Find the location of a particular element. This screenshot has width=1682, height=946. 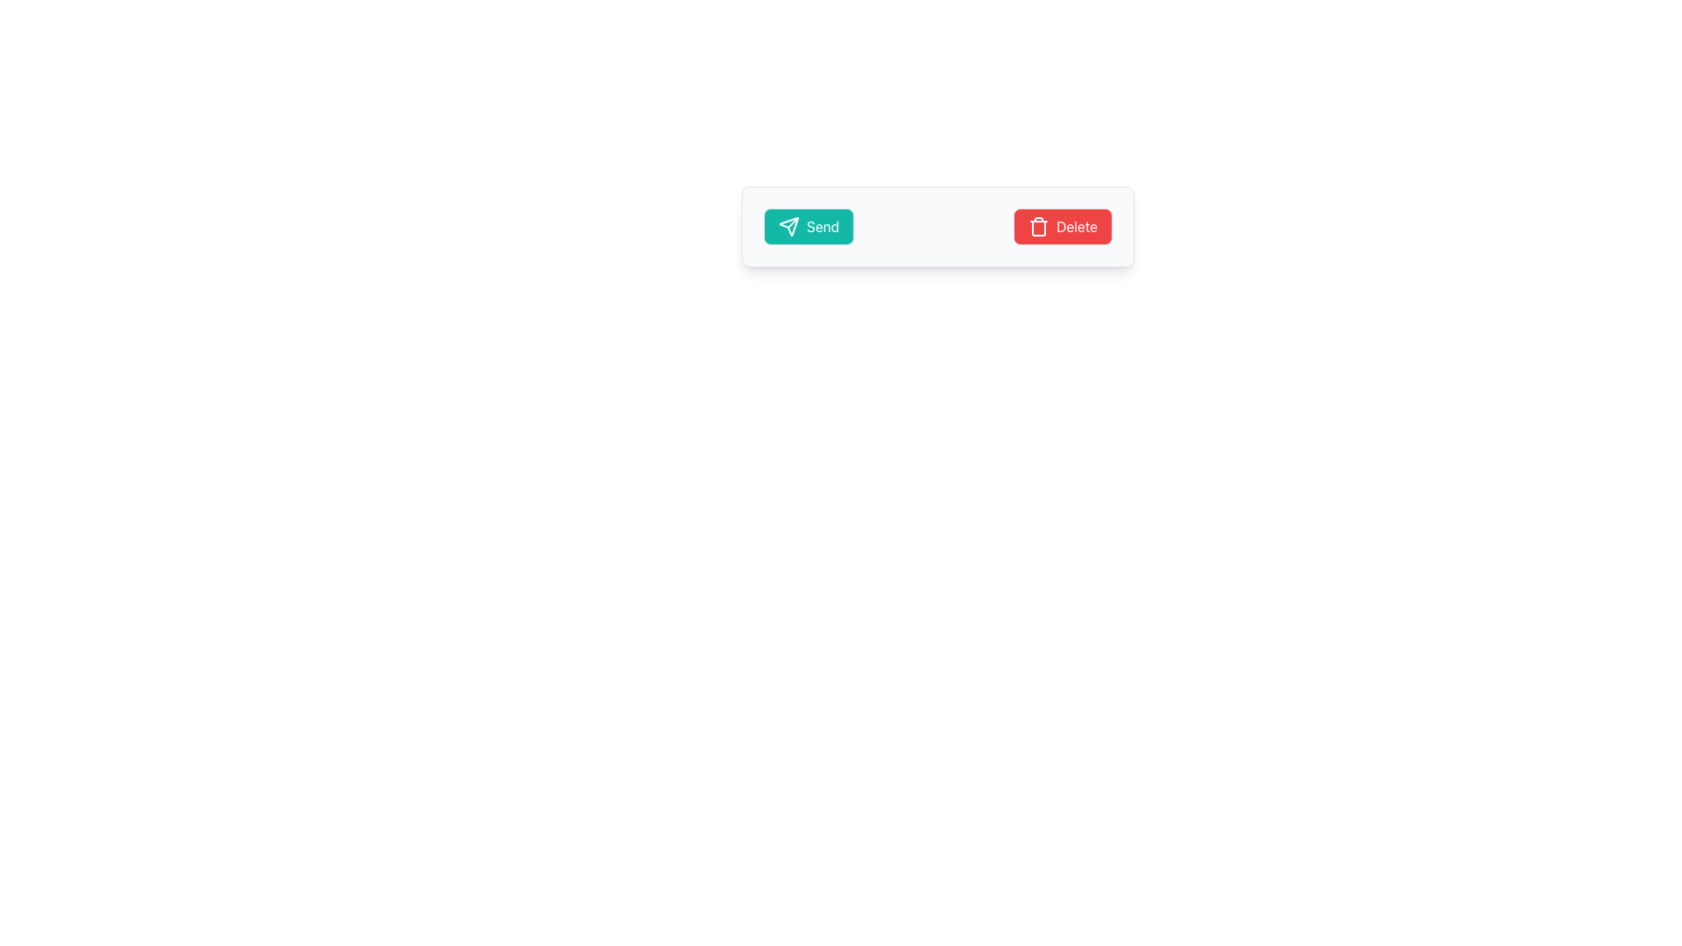

the central part of the trash can icon within the red 'Delete' button, which visually represents the delete functionality is located at coordinates (1038, 228).